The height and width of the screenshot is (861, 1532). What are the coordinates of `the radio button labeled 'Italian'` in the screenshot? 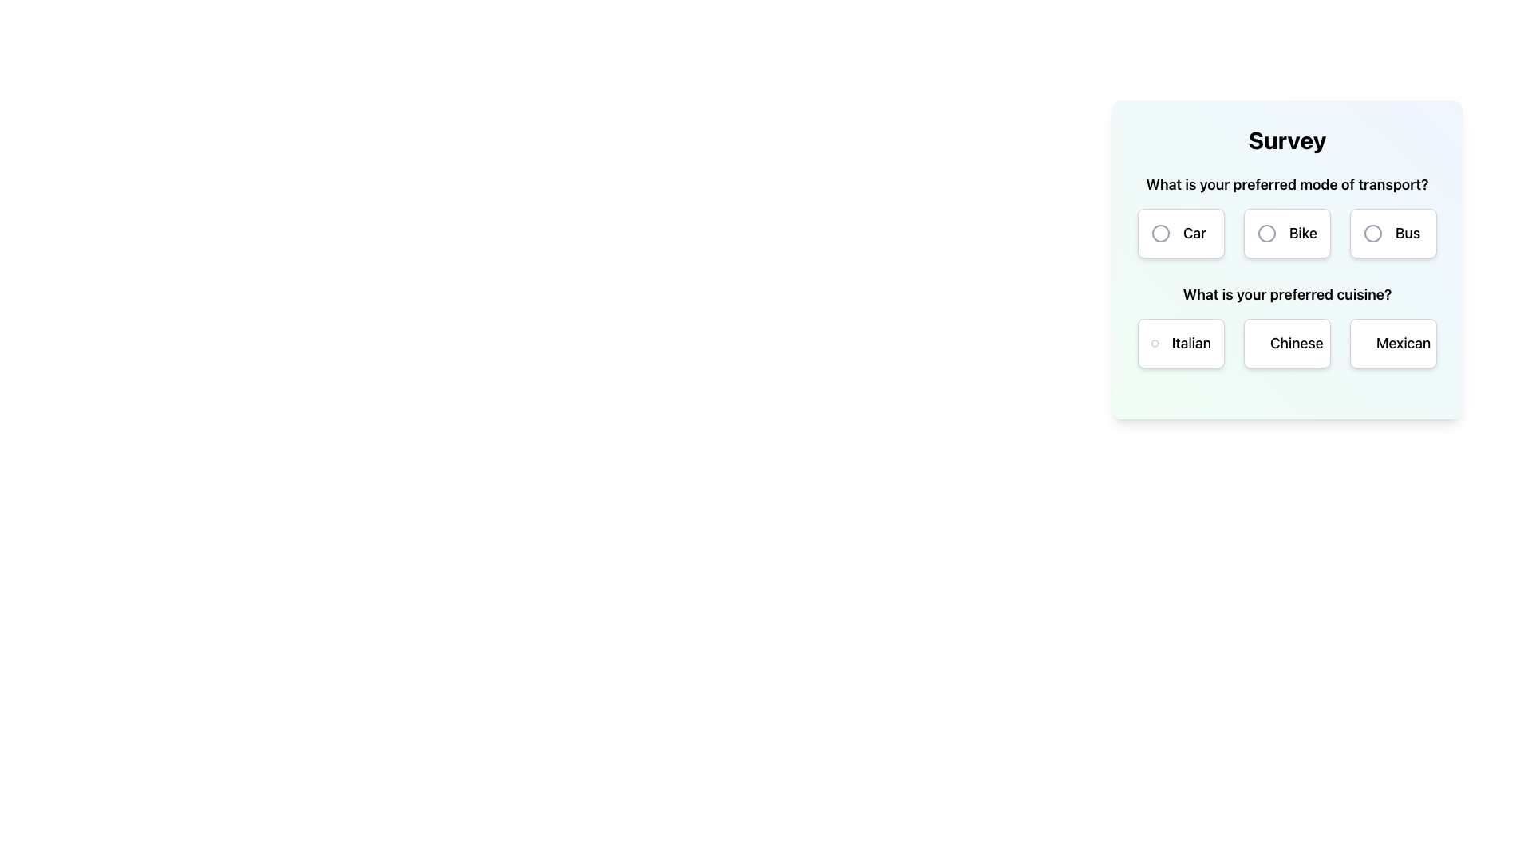 It's located at (1181, 343).